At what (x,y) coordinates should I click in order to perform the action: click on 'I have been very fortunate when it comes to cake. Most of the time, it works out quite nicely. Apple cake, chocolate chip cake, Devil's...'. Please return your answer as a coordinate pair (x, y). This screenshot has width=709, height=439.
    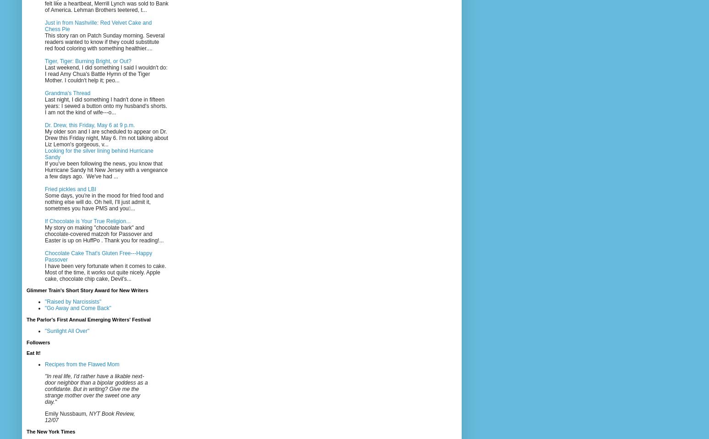
    Looking at the image, I should click on (44, 272).